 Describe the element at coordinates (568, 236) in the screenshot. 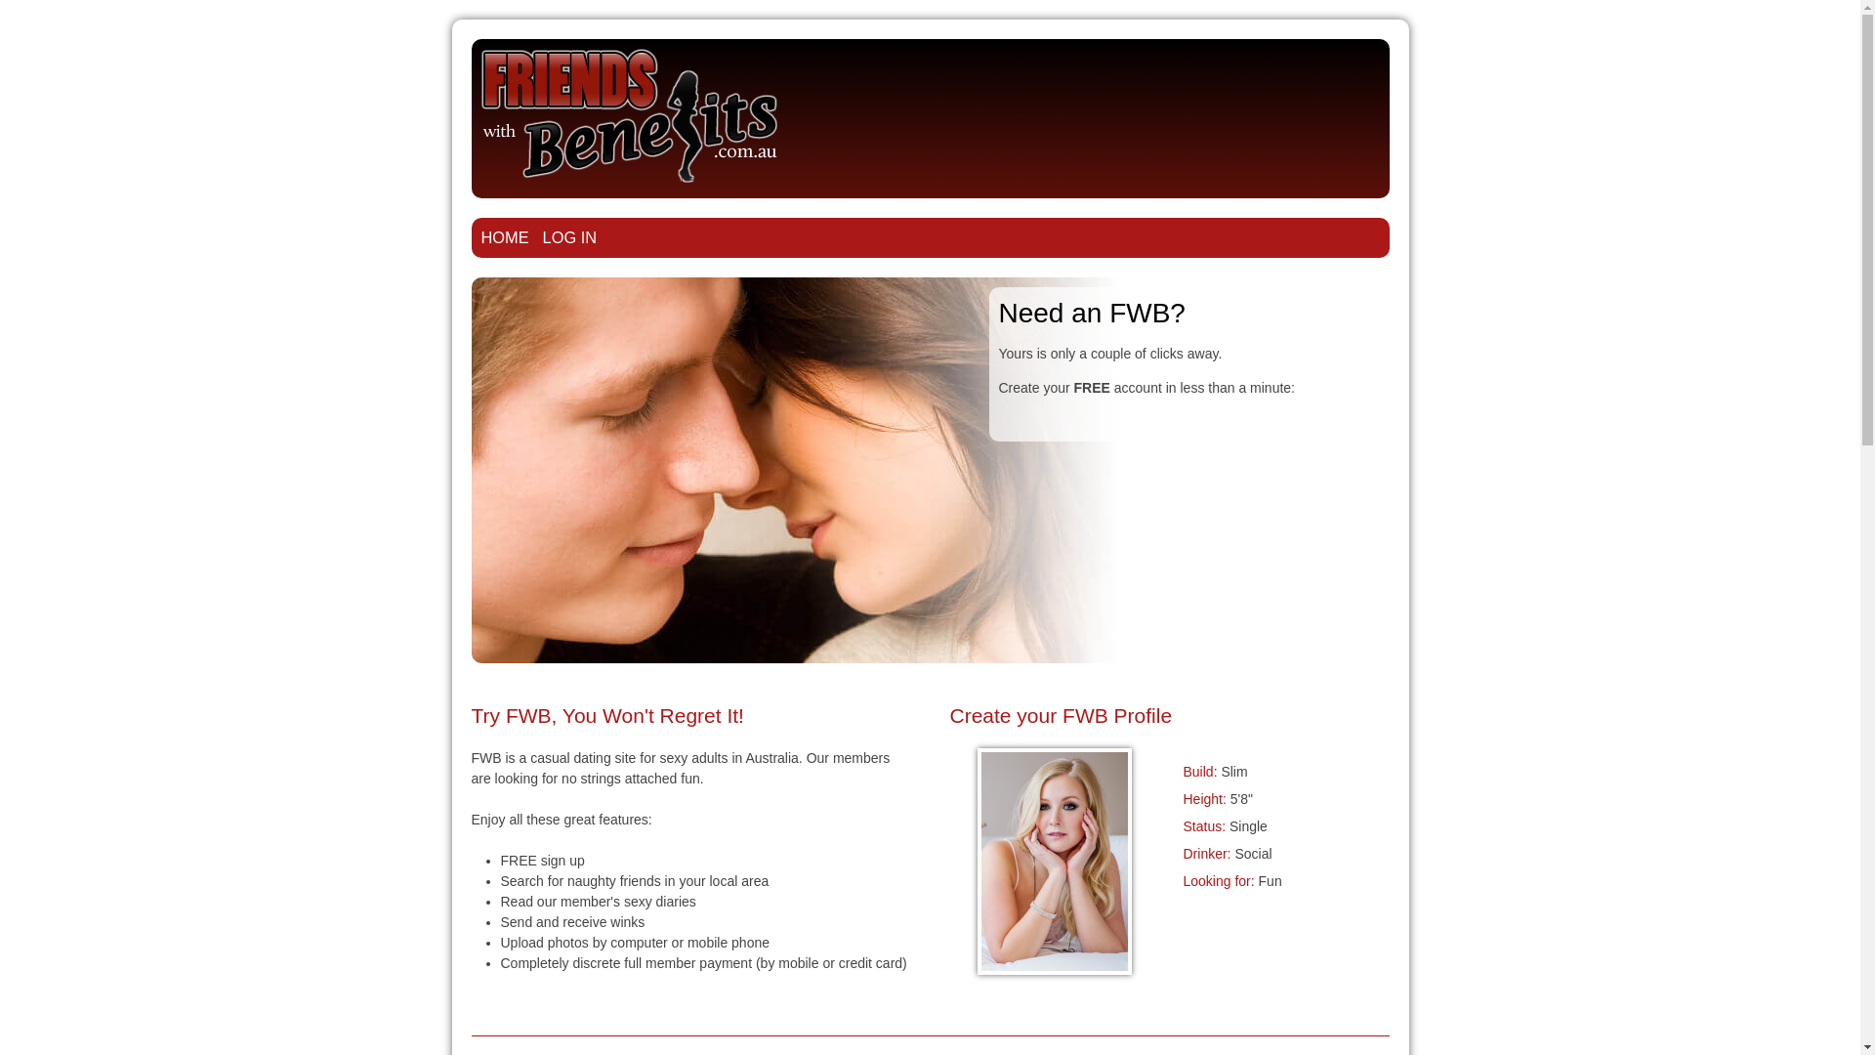

I see `'LOG IN'` at that location.